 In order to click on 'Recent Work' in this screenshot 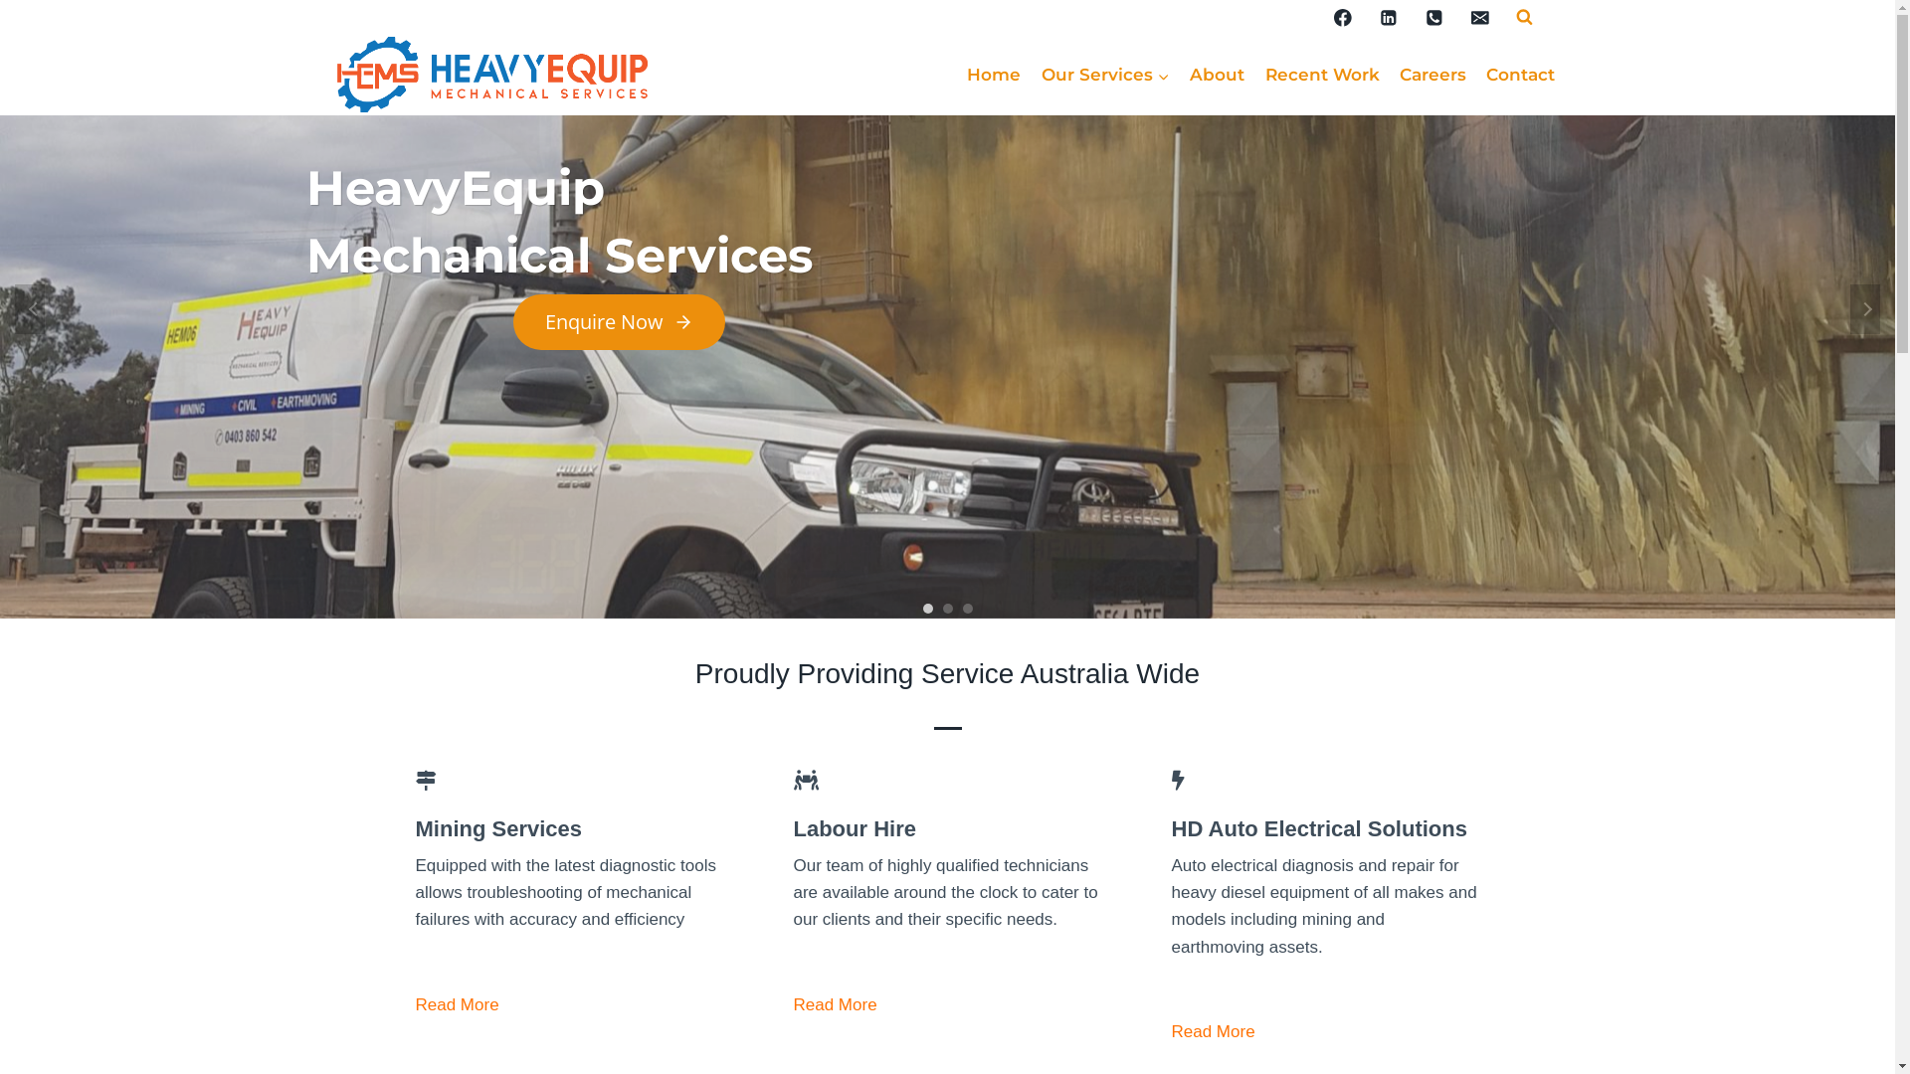, I will do `click(1253, 75)`.